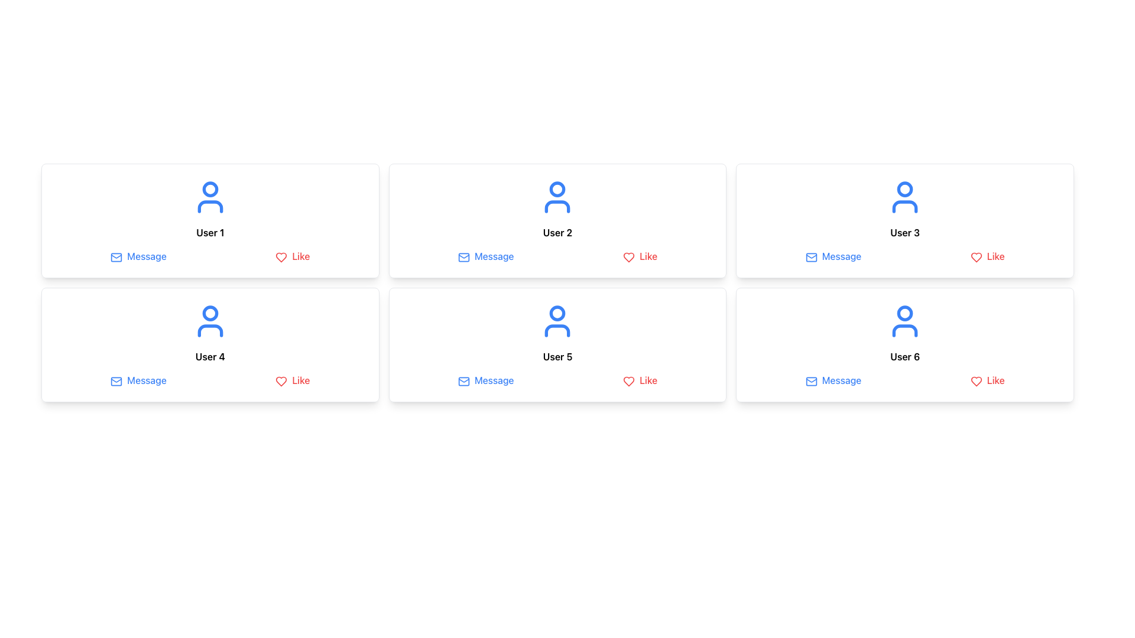  What do you see at coordinates (557, 188) in the screenshot?
I see `the SVG circle that represents the user icon in the second profile card ('User 2') located in the top row of the grid layout` at bounding box center [557, 188].